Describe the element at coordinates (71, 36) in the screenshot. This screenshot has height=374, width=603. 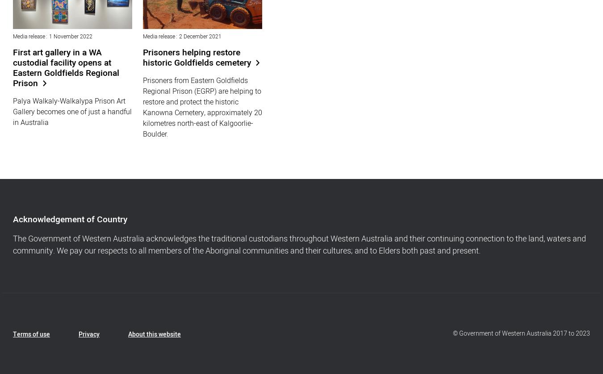
I see `'1 November 2022'` at that location.